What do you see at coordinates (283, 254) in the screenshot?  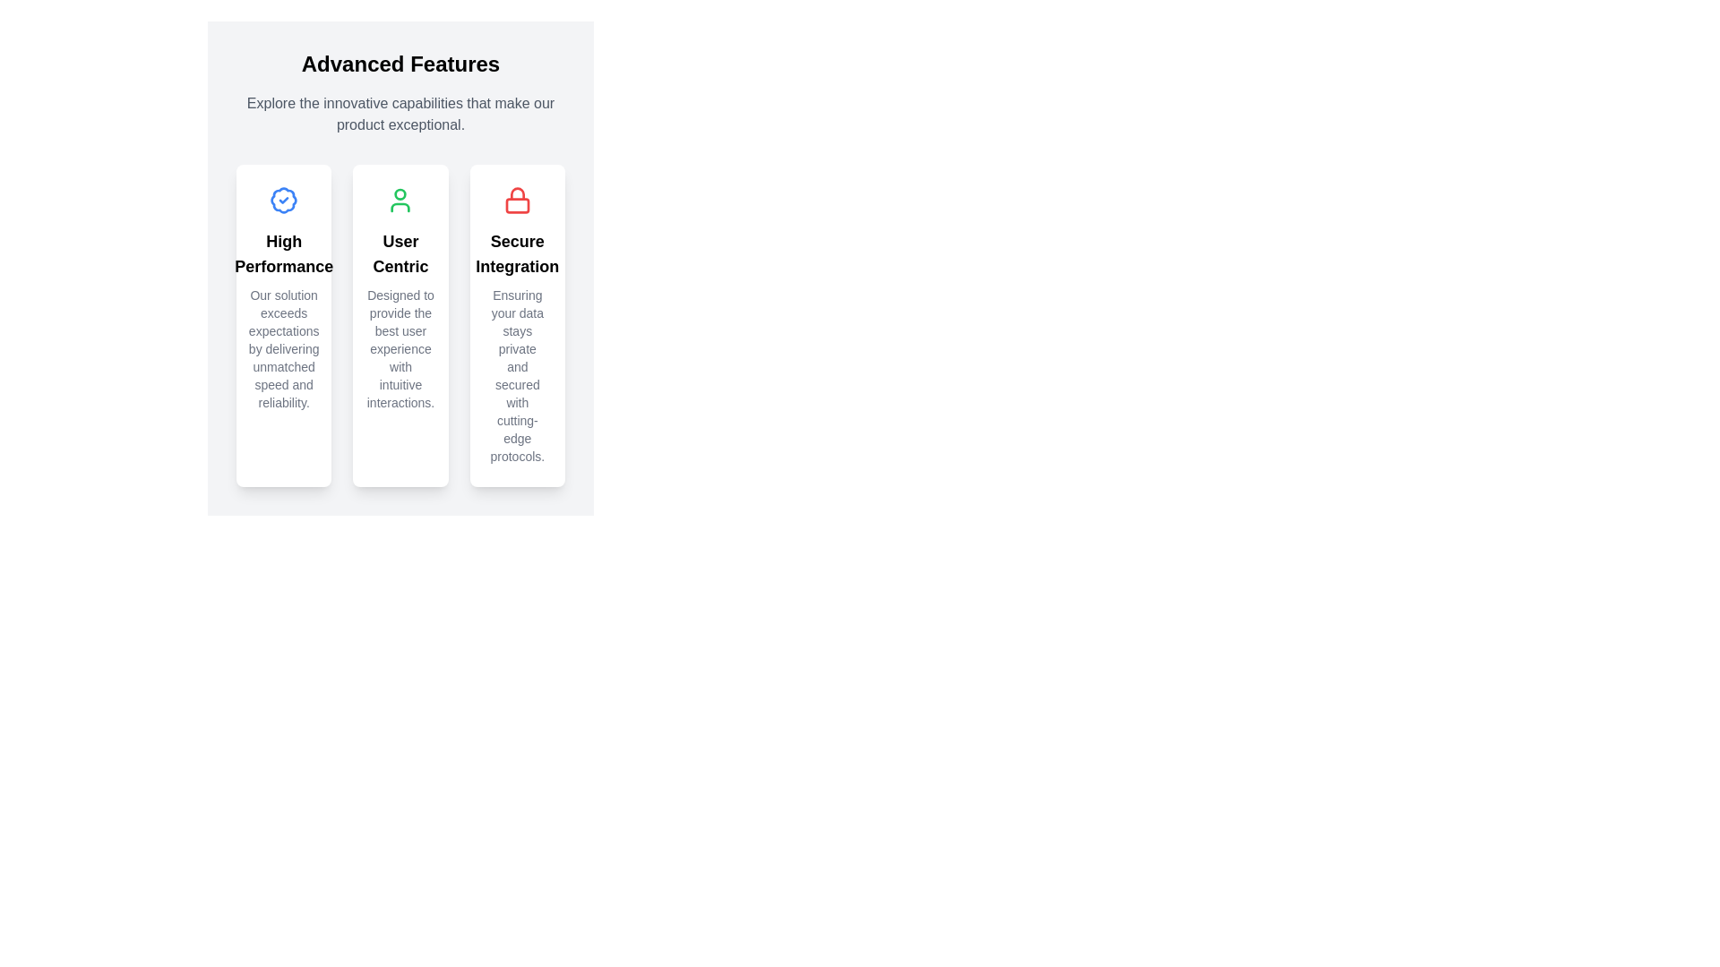 I see `text 'High Performance' from the bold title text element located in the leftmost card of the three-card layout` at bounding box center [283, 254].